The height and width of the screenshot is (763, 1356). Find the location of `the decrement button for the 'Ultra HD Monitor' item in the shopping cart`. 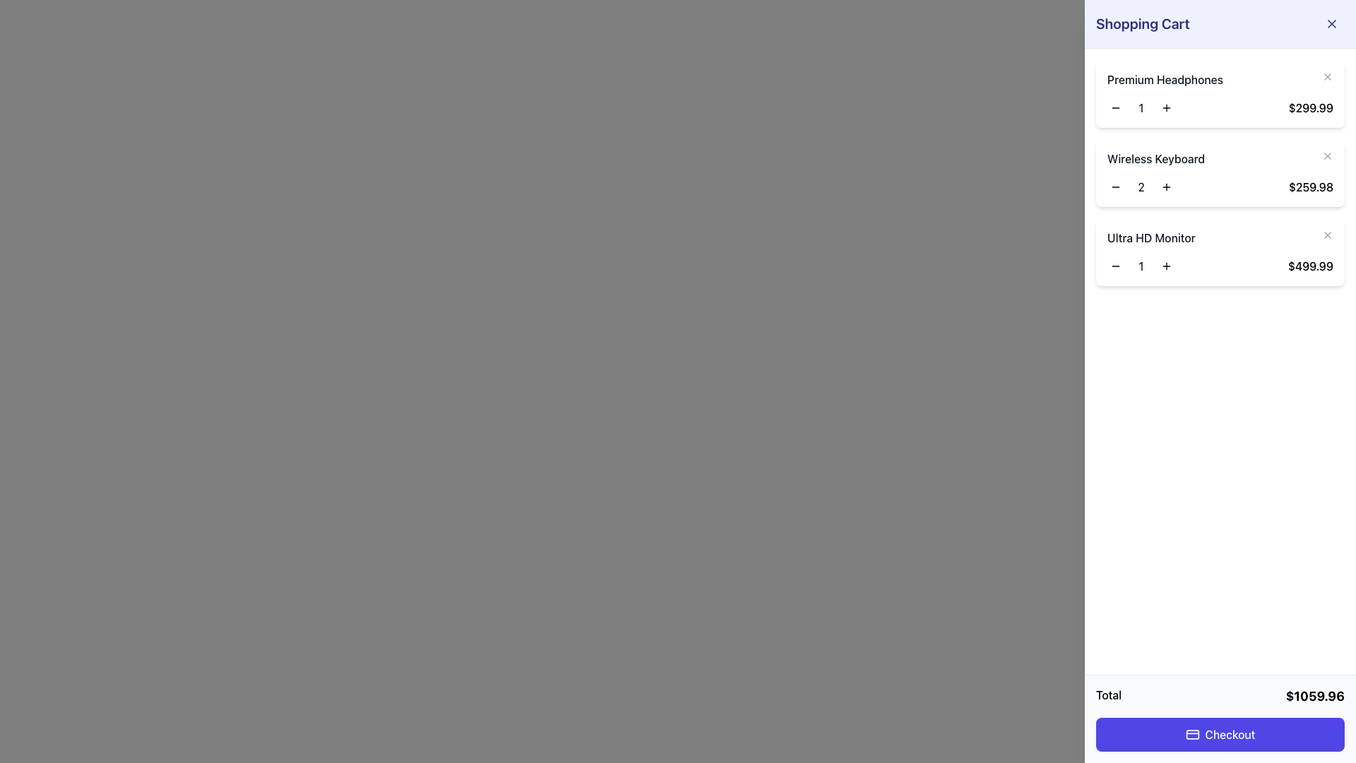

the decrement button for the 'Ultra HD Monitor' item in the shopping cart is located at coordinates (1114, 266).